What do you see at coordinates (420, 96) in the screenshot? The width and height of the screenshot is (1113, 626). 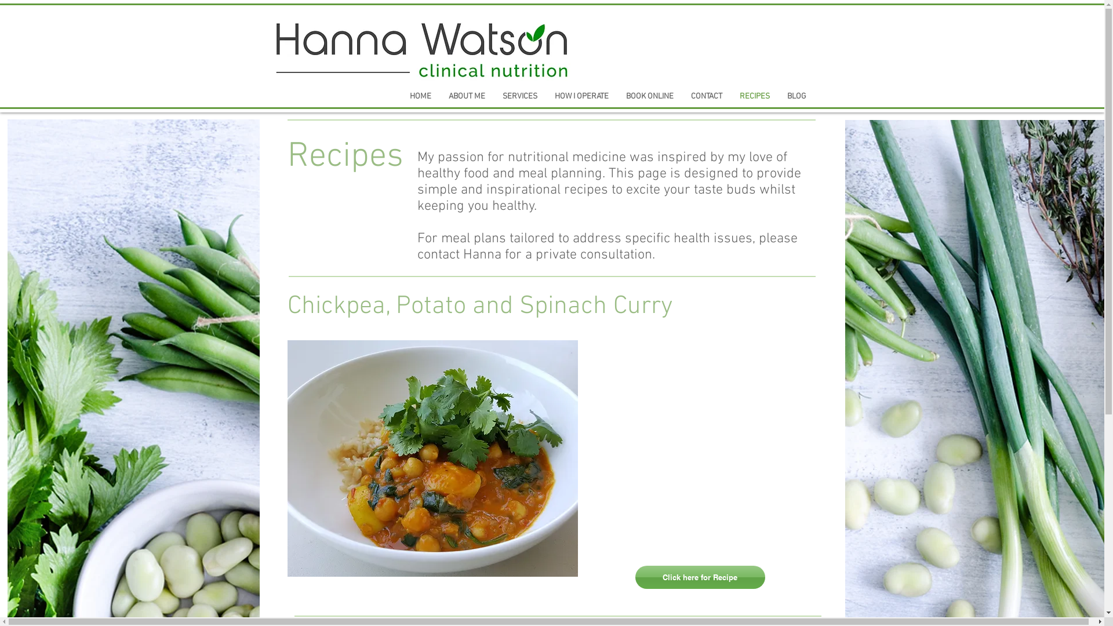 I see `'HOME'` at bounding box center [420, 96].